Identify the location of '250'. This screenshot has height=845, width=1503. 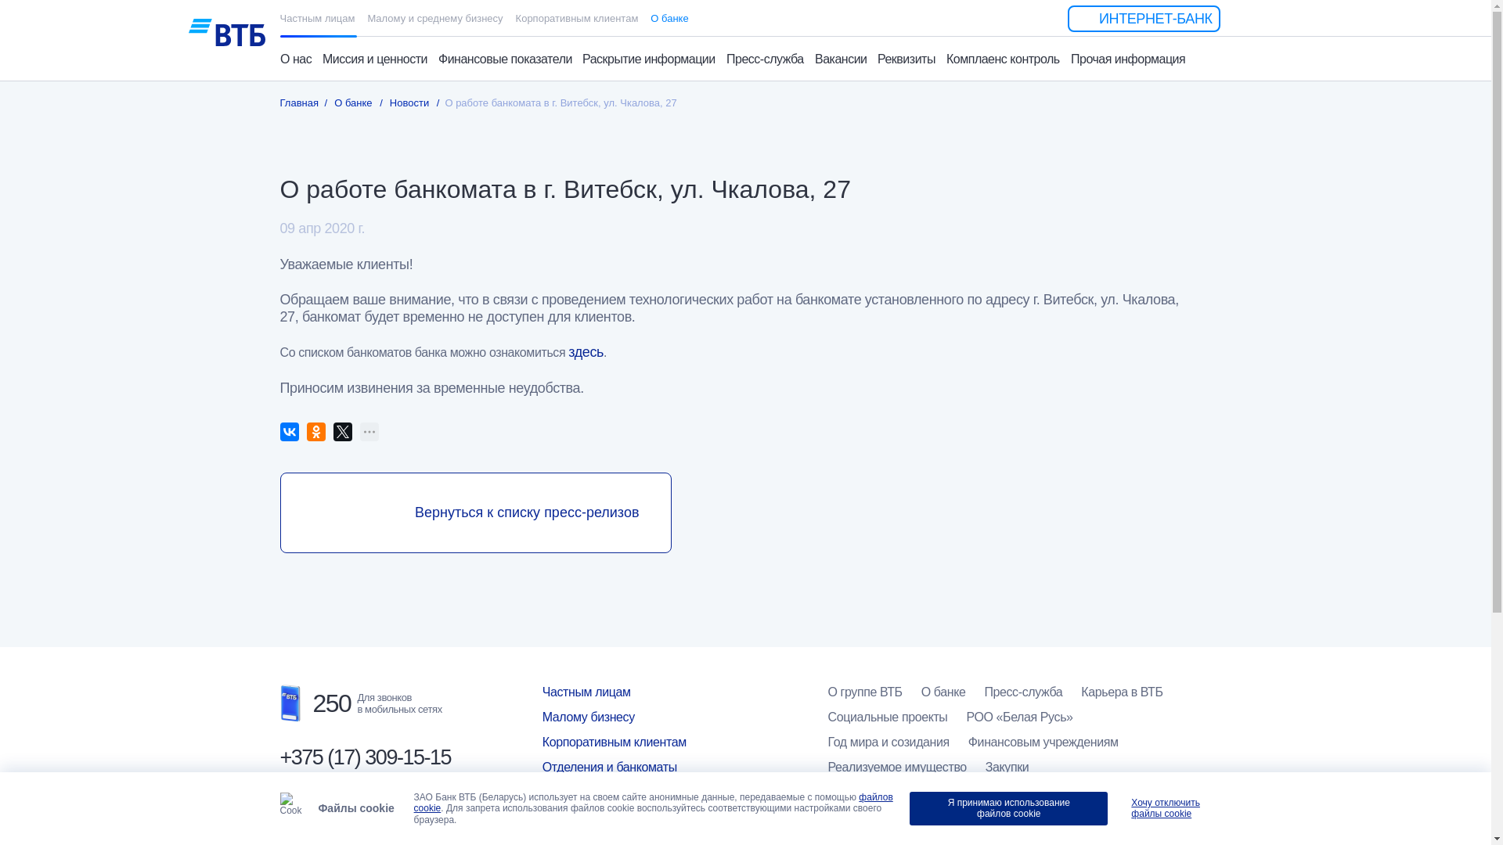
(315, 702).